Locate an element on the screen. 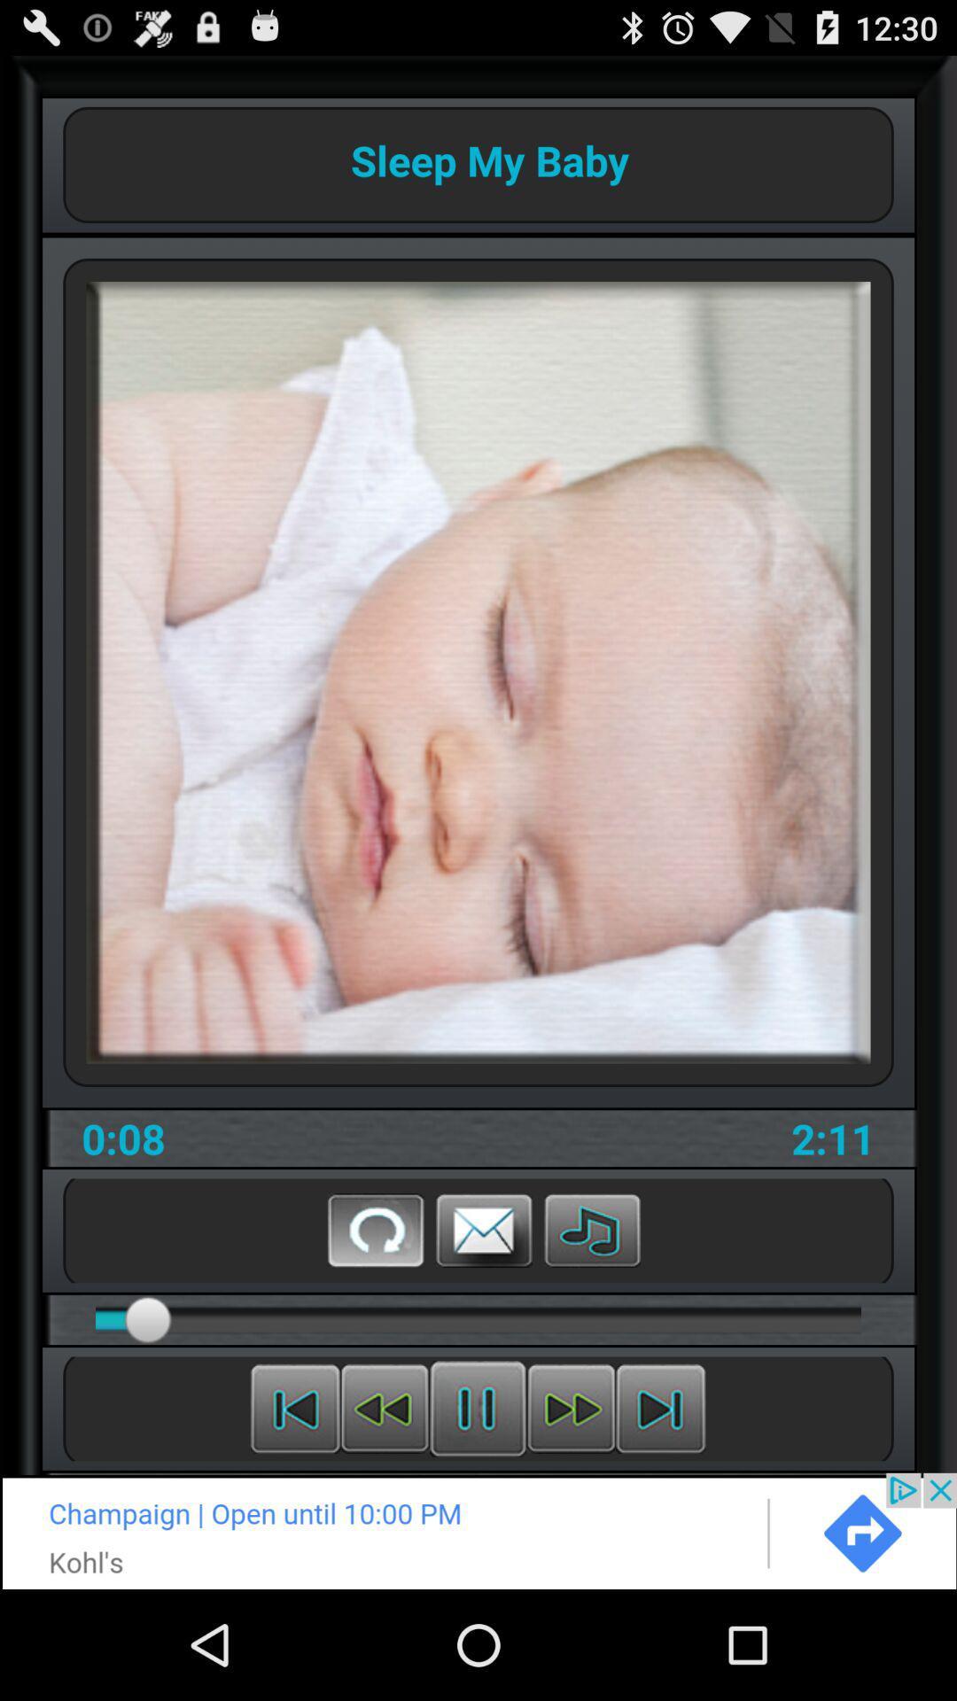 The image size is (957, 1701). stoping the option is located at coordinates (477, 1408).